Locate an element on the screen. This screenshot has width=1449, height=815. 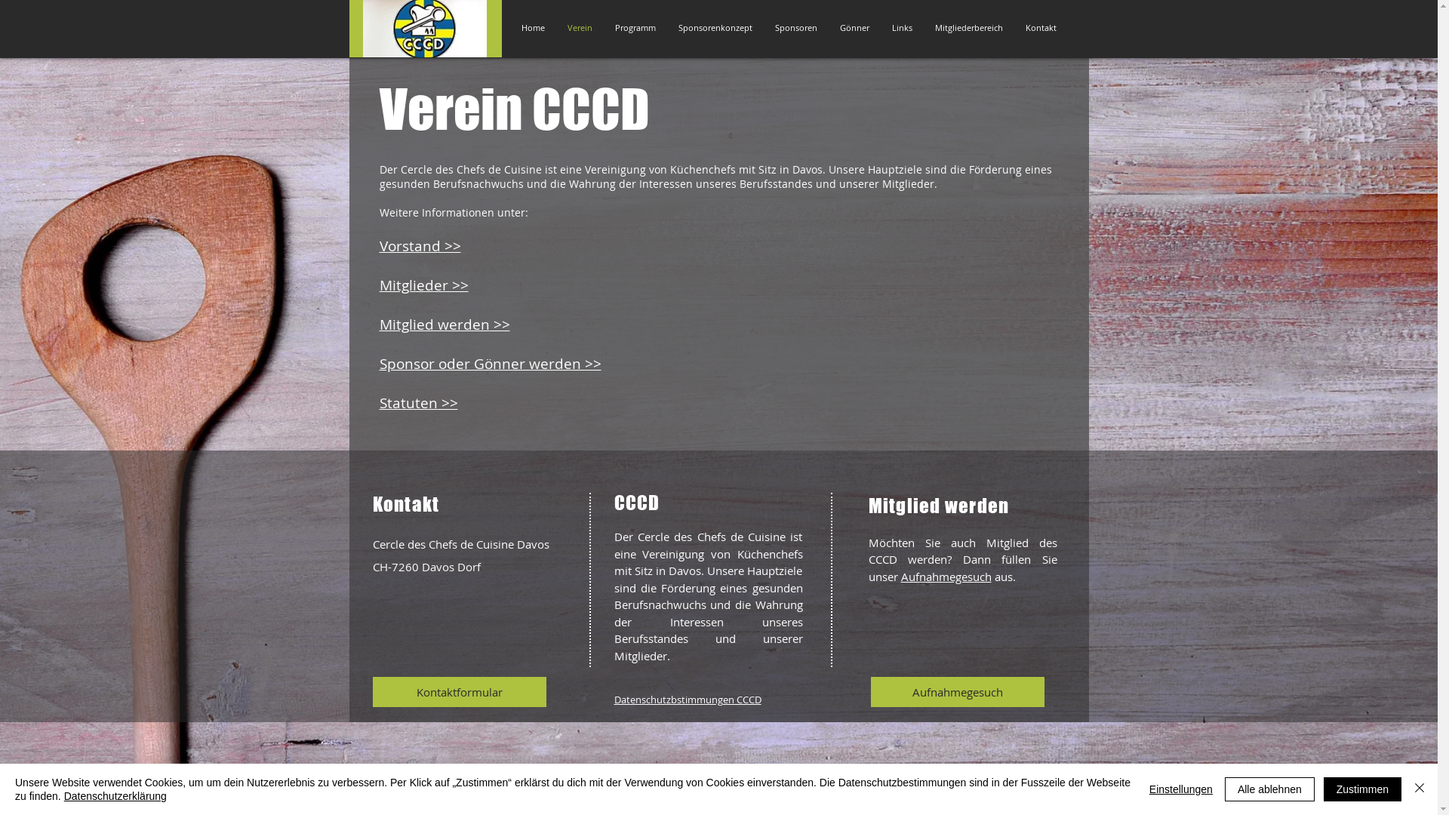
'Mitgliederbereich' is located at coordinates (923, 28).